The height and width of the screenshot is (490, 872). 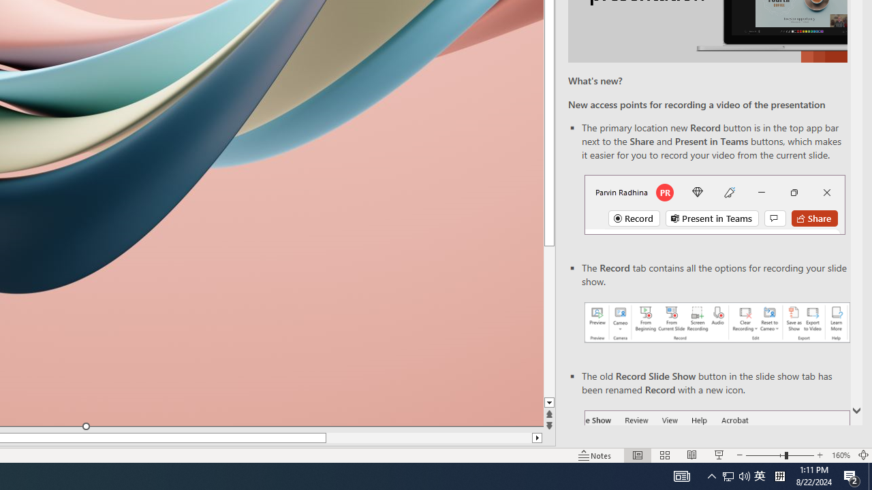 What do you see at coordinates (691, 455) in the screenshot?
I see `'Reading View'` at bounding box center [691, 455].